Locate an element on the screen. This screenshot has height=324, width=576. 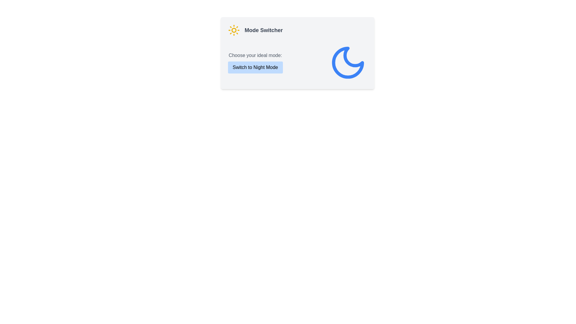
the instructional static text heading located above the 'Switch to Night Mode' button to interact with any tooltip or animations is located at coordinates (255, 55).